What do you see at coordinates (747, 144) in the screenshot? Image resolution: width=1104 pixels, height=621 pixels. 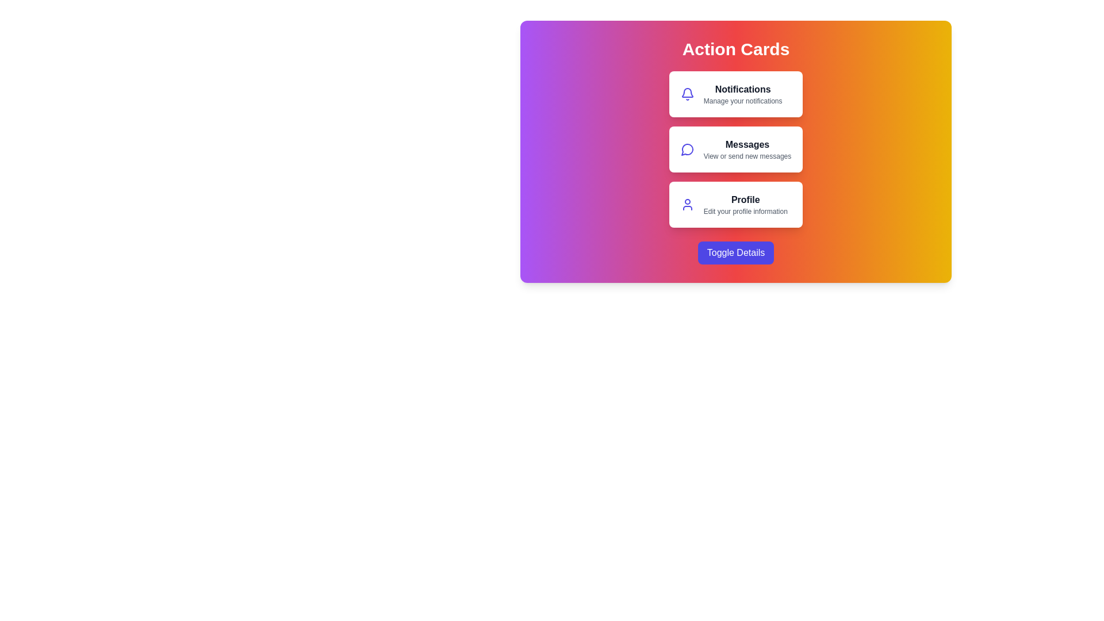 I see `the Text label positioned in the middle of the second card, directly below the title 'Notifications' and above 'Profile'` at bounding box center [747, 144].